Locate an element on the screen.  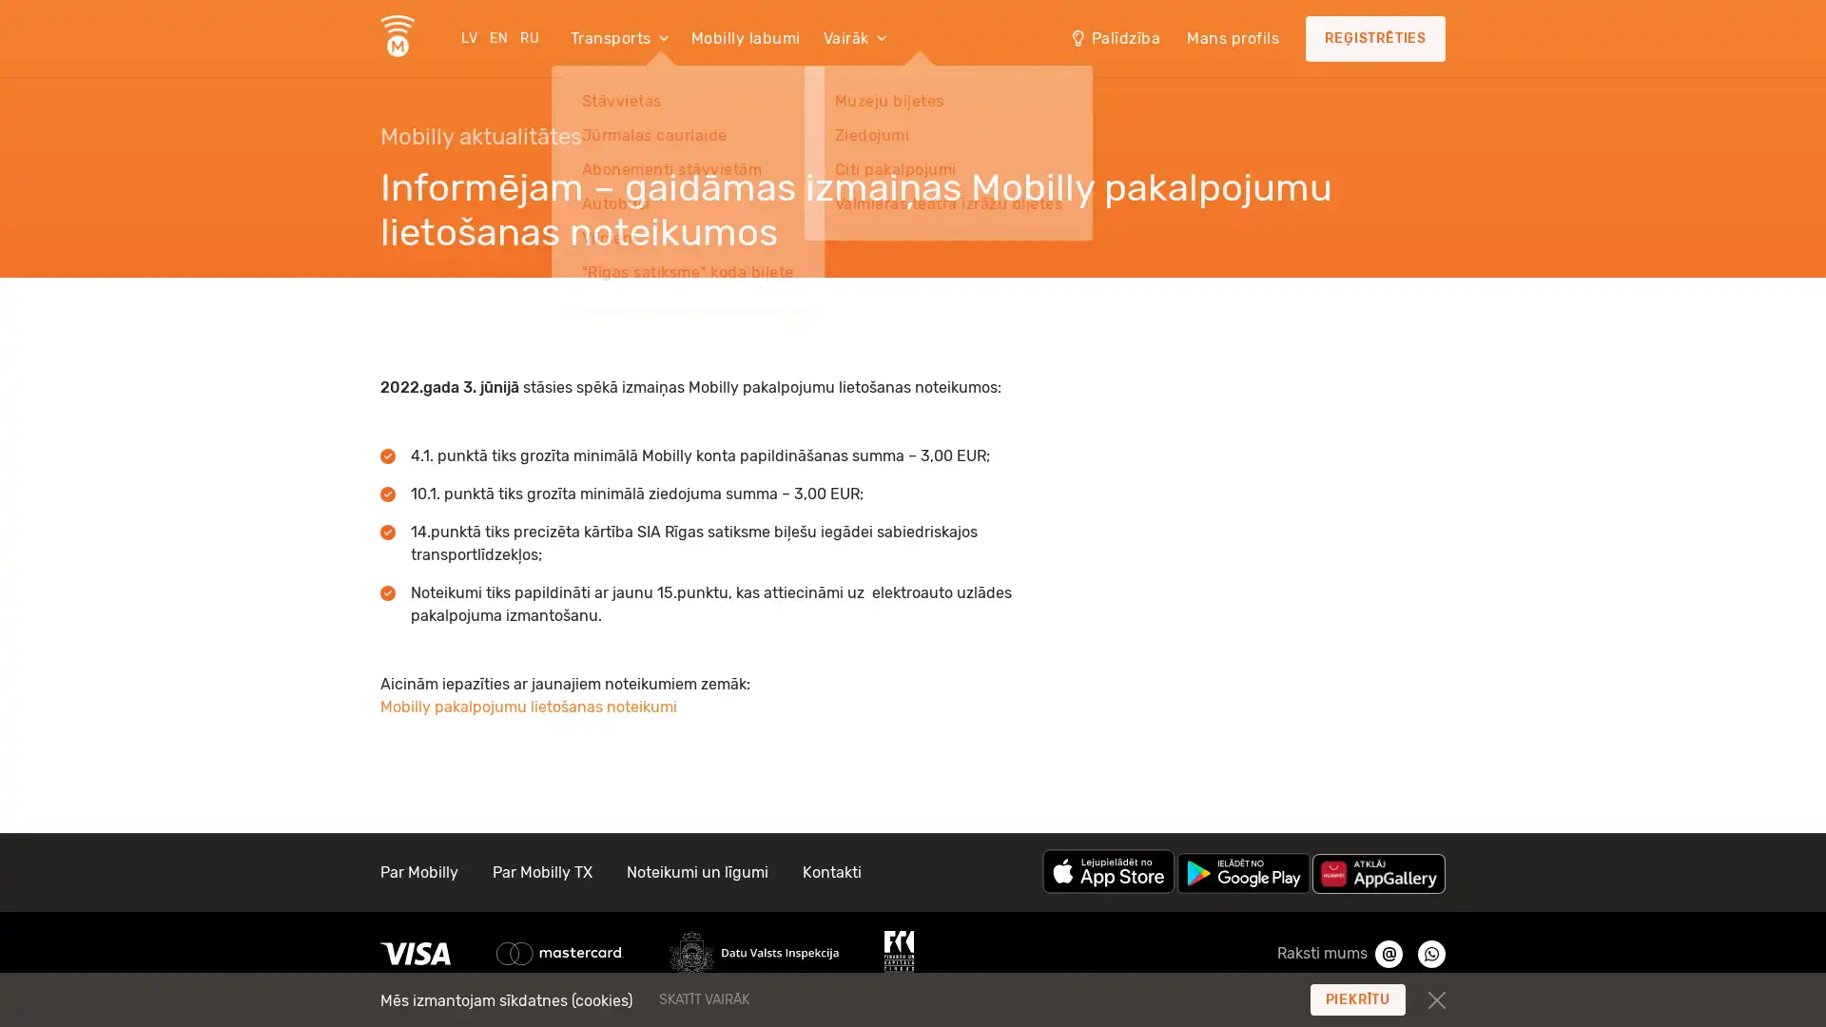
SKATIT VAIRAK is located at coordinates (820, 998).